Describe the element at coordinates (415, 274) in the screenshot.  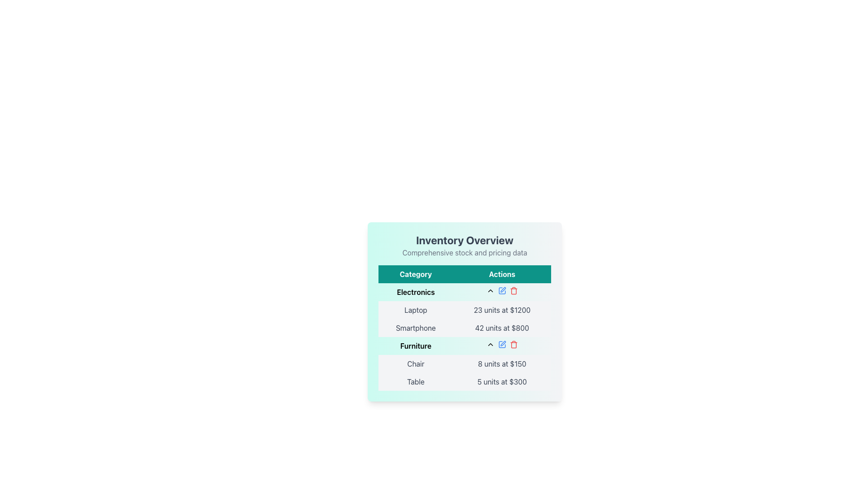
I see `text displayed in the 'Category' label, which is in bold white font on a teal background, located at the top left of the header section of the data table` at that location.